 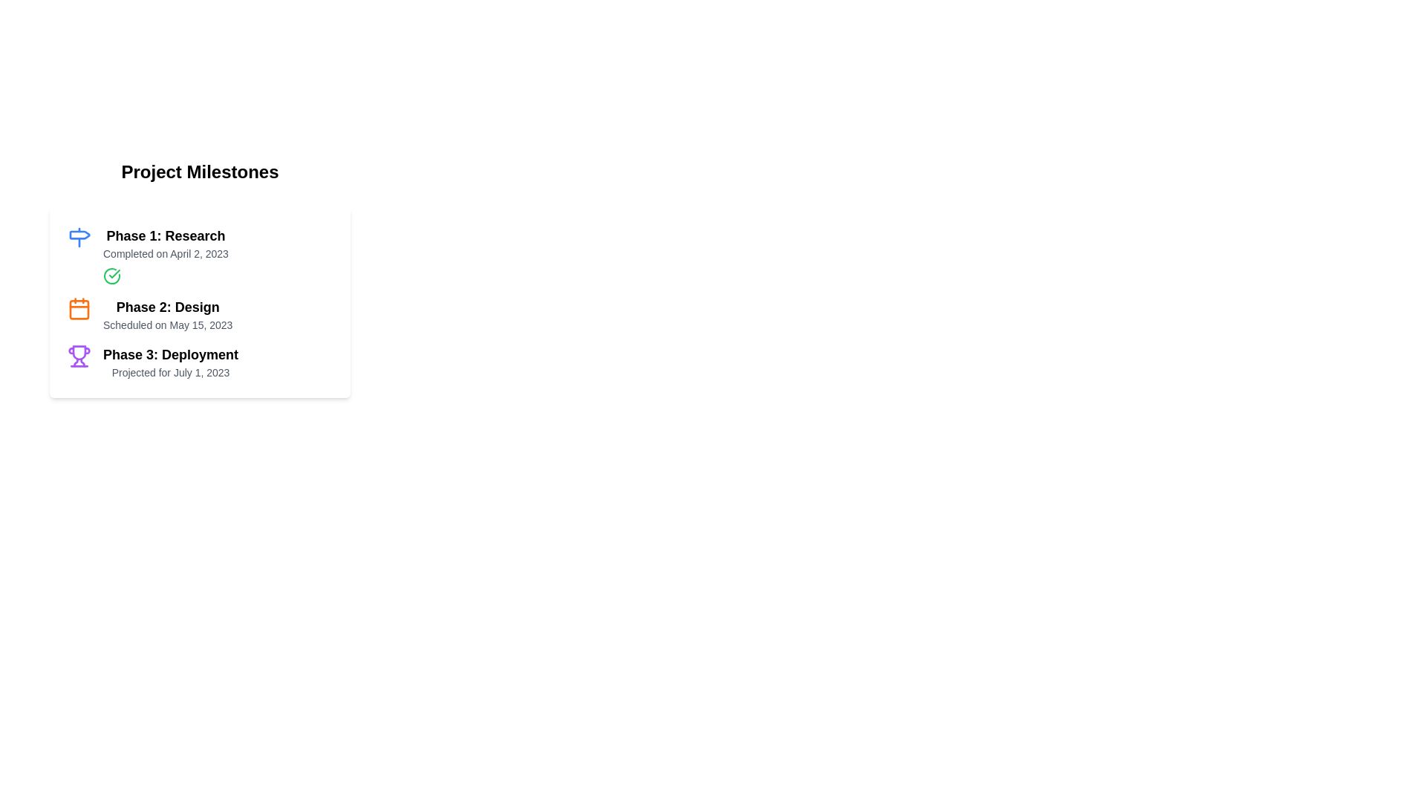 What do you see at coordinates (168, 306) in the screenshot?
I see `the static text element indicating 'Phase 2: Design', which serves as a project milestone title located in the 'Project Milestones' section` at bounding box center [168, 306].